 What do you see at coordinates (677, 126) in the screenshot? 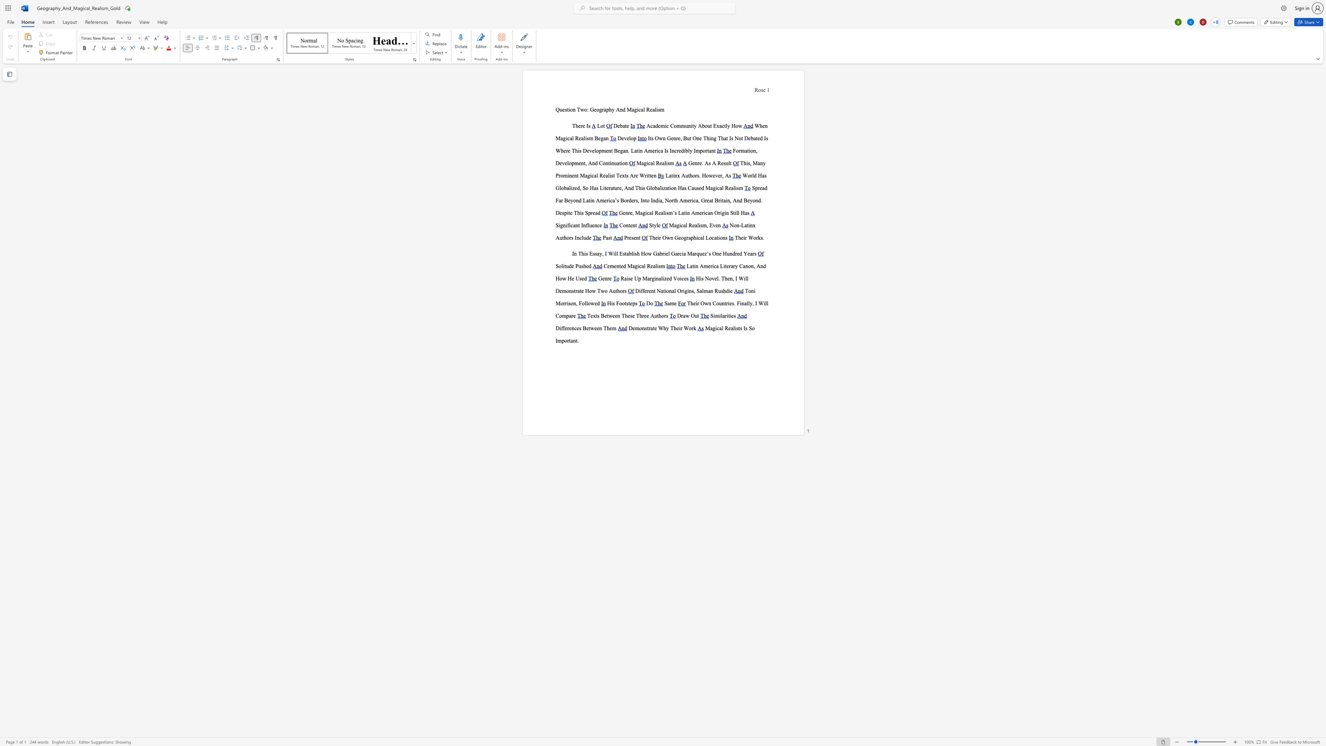
I see `the space between the continuous character "o" and "m" in the text` at bounding box center [677, 126].